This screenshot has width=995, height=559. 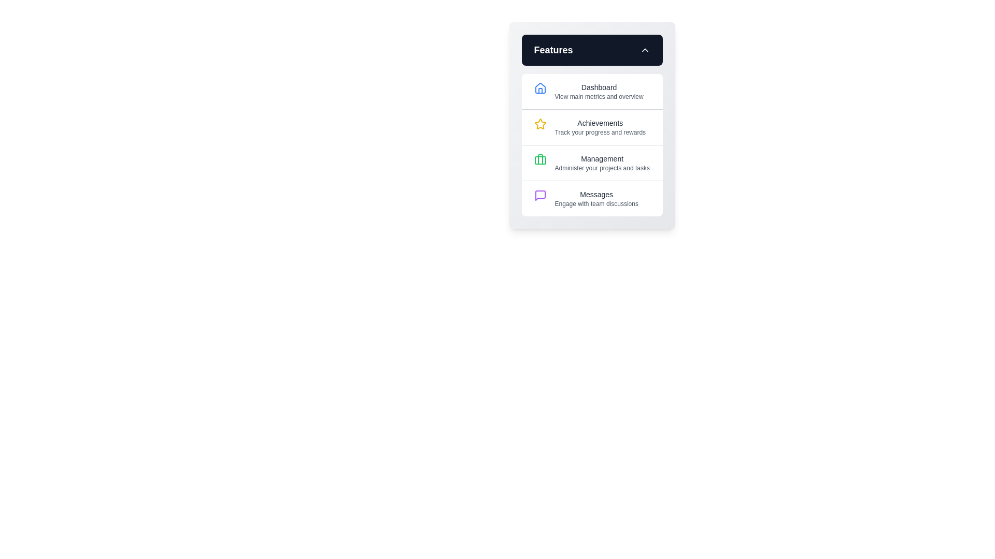 What do you see at coordinates (600, 127) in the screenshot?
I see `the 'Achievements' interactive text label in the sidebar menu` at bounding box center [600, 127].